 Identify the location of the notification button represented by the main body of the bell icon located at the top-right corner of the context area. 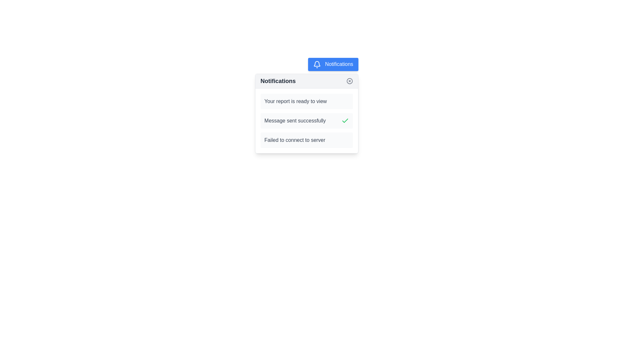
(317, 63).